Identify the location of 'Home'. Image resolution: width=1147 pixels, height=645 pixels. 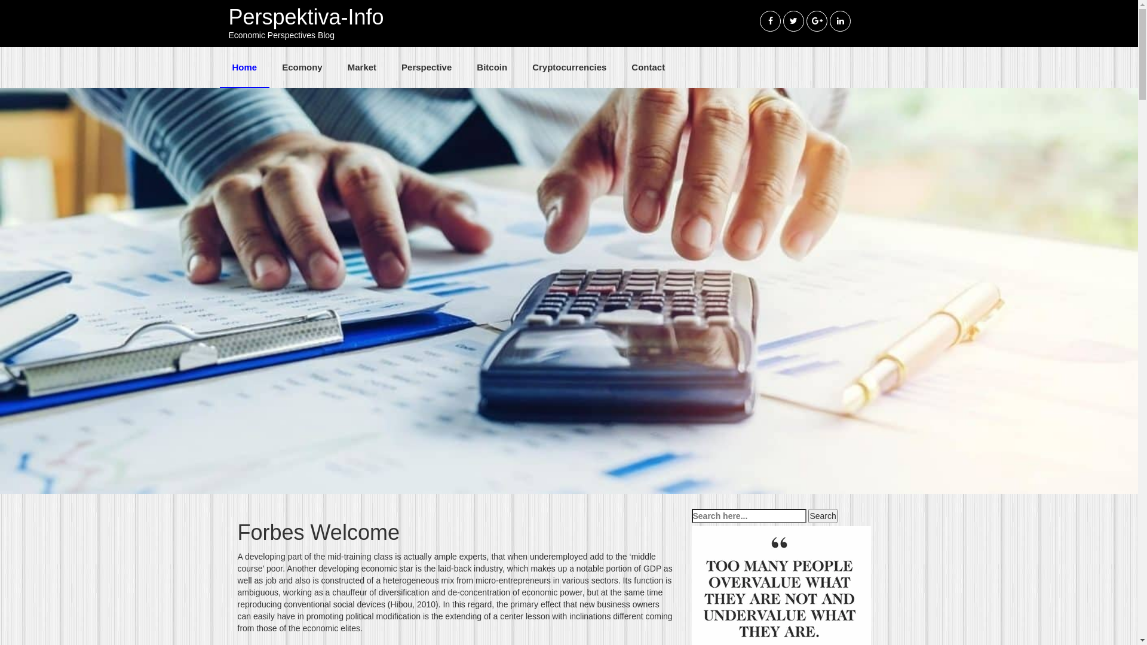
(244, 67).